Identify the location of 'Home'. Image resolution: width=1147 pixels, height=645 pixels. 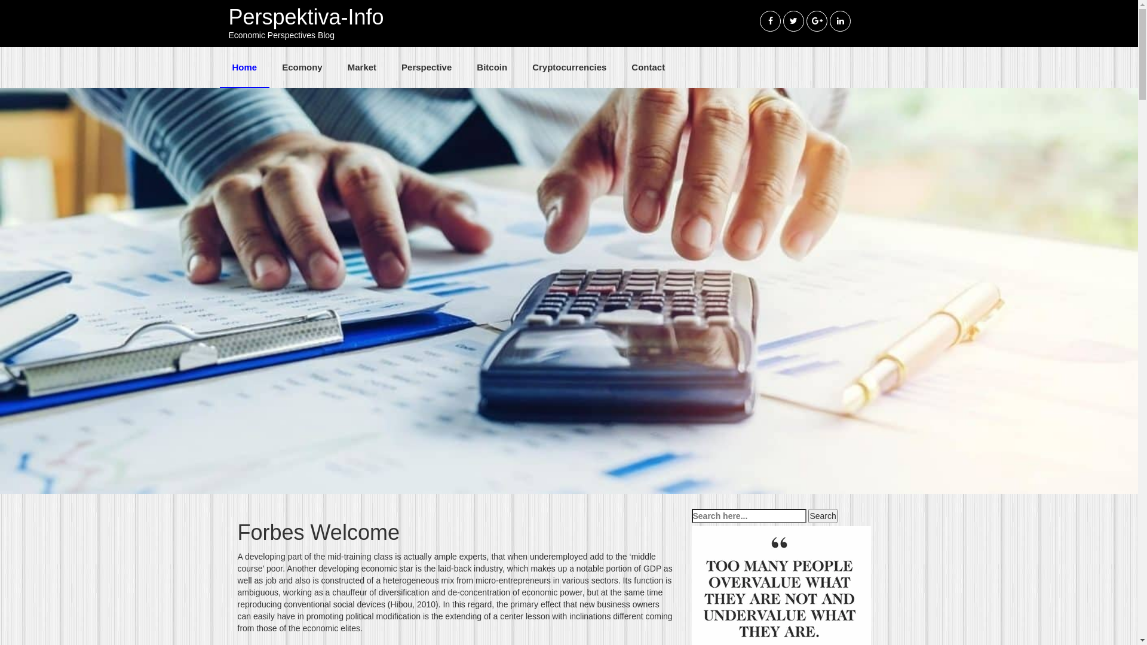
(244, 67).